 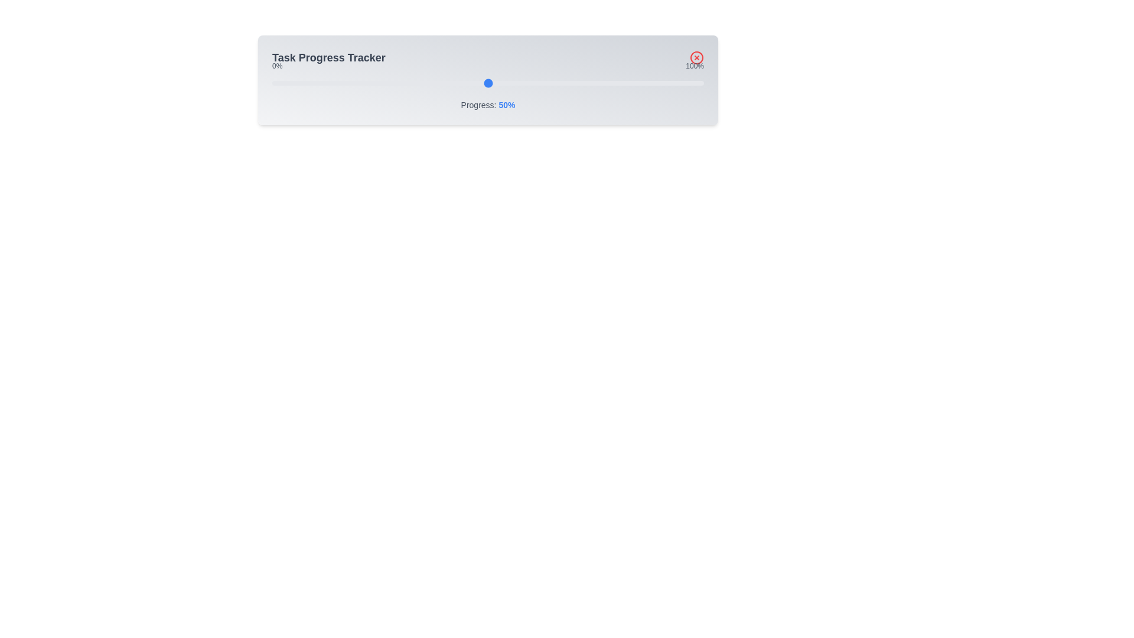 What do you see at coordinates (353, 83) in the screenshot?
I see `the slider` at bounding box center [353, 83].